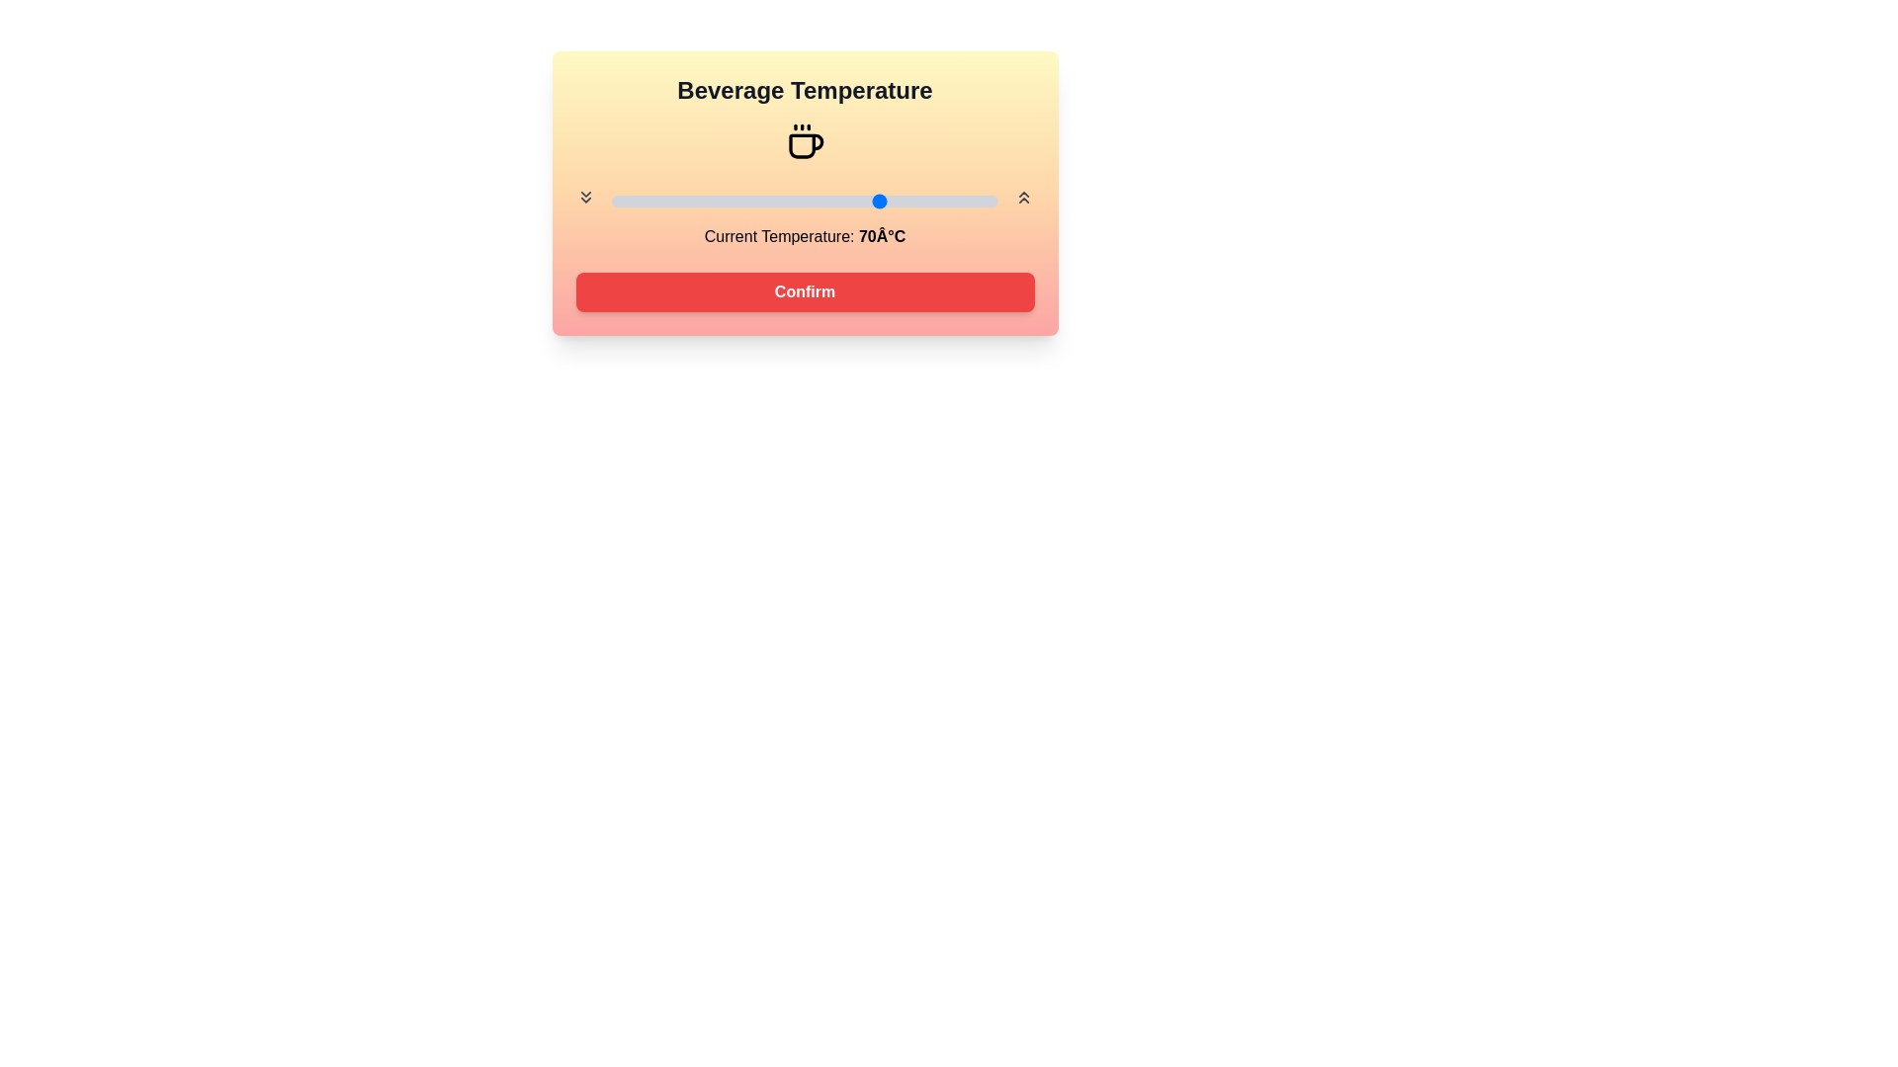 The width and height of the screenshot is (1898, 1067). What do you see at coordinates (805, 292) in the screenshot?
I see `the confirm button to confirm the temperature setting` at bounding box center [805, 292].